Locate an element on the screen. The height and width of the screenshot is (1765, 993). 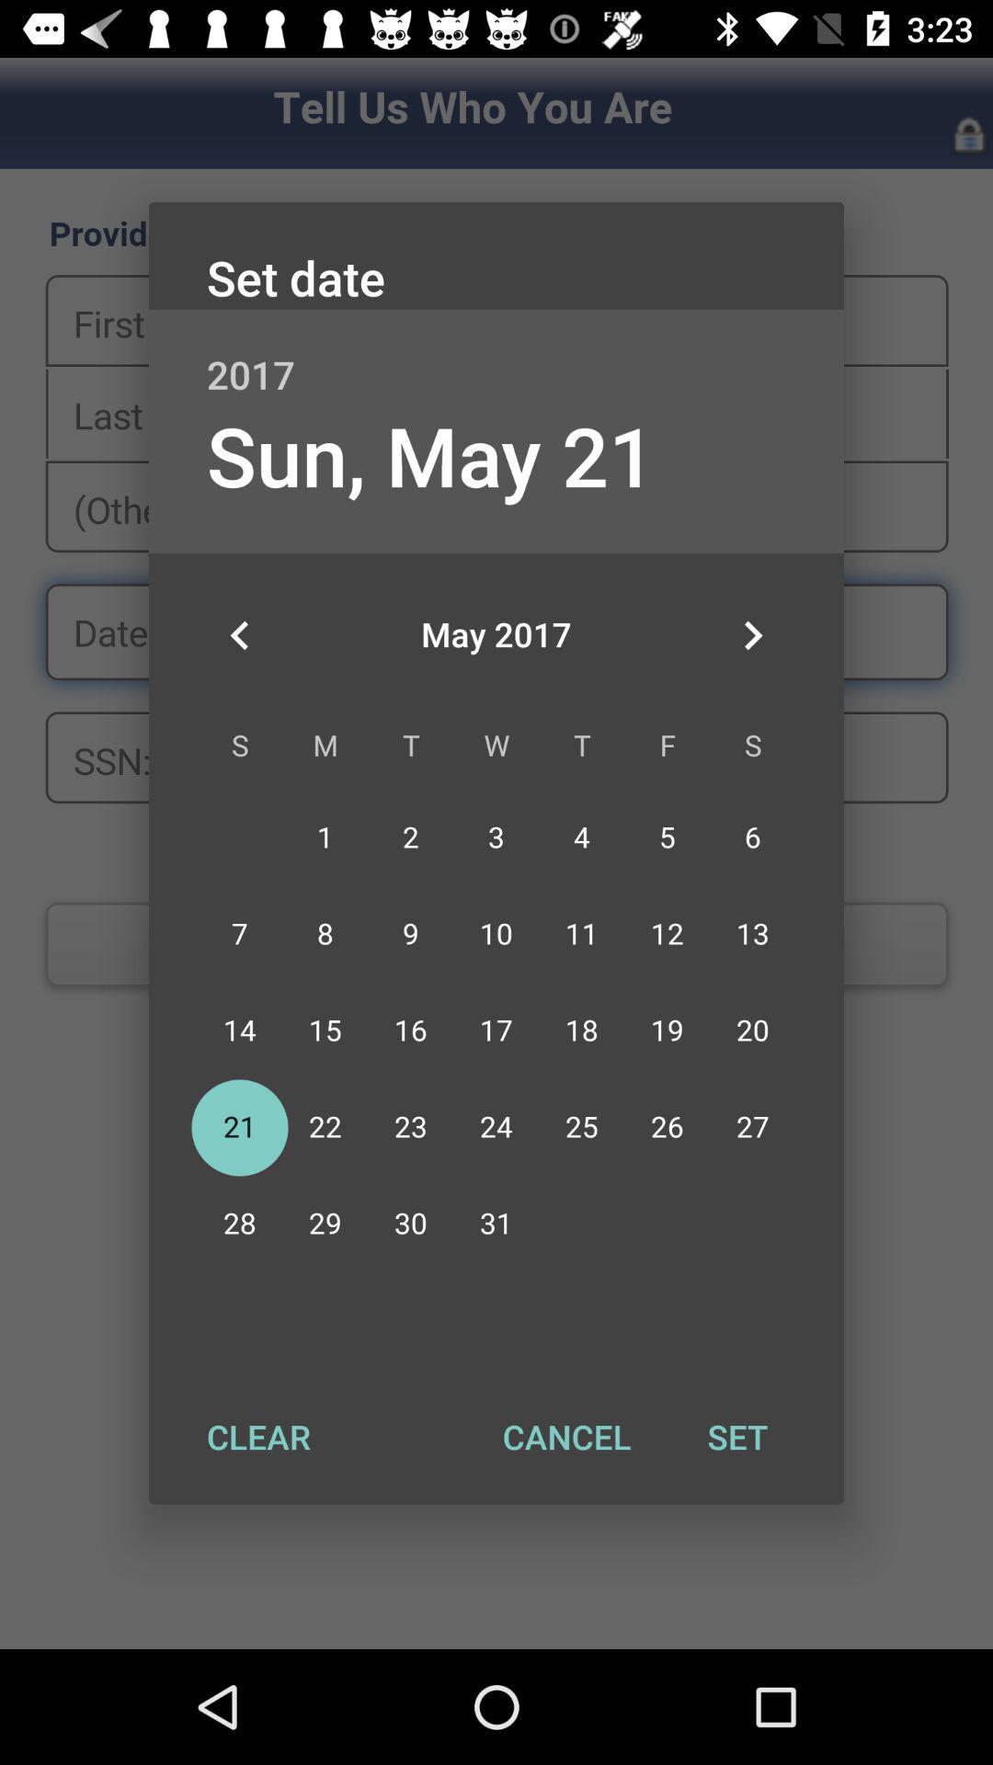
the icon below sun, may 21 item is located at coordinates (239, 635).